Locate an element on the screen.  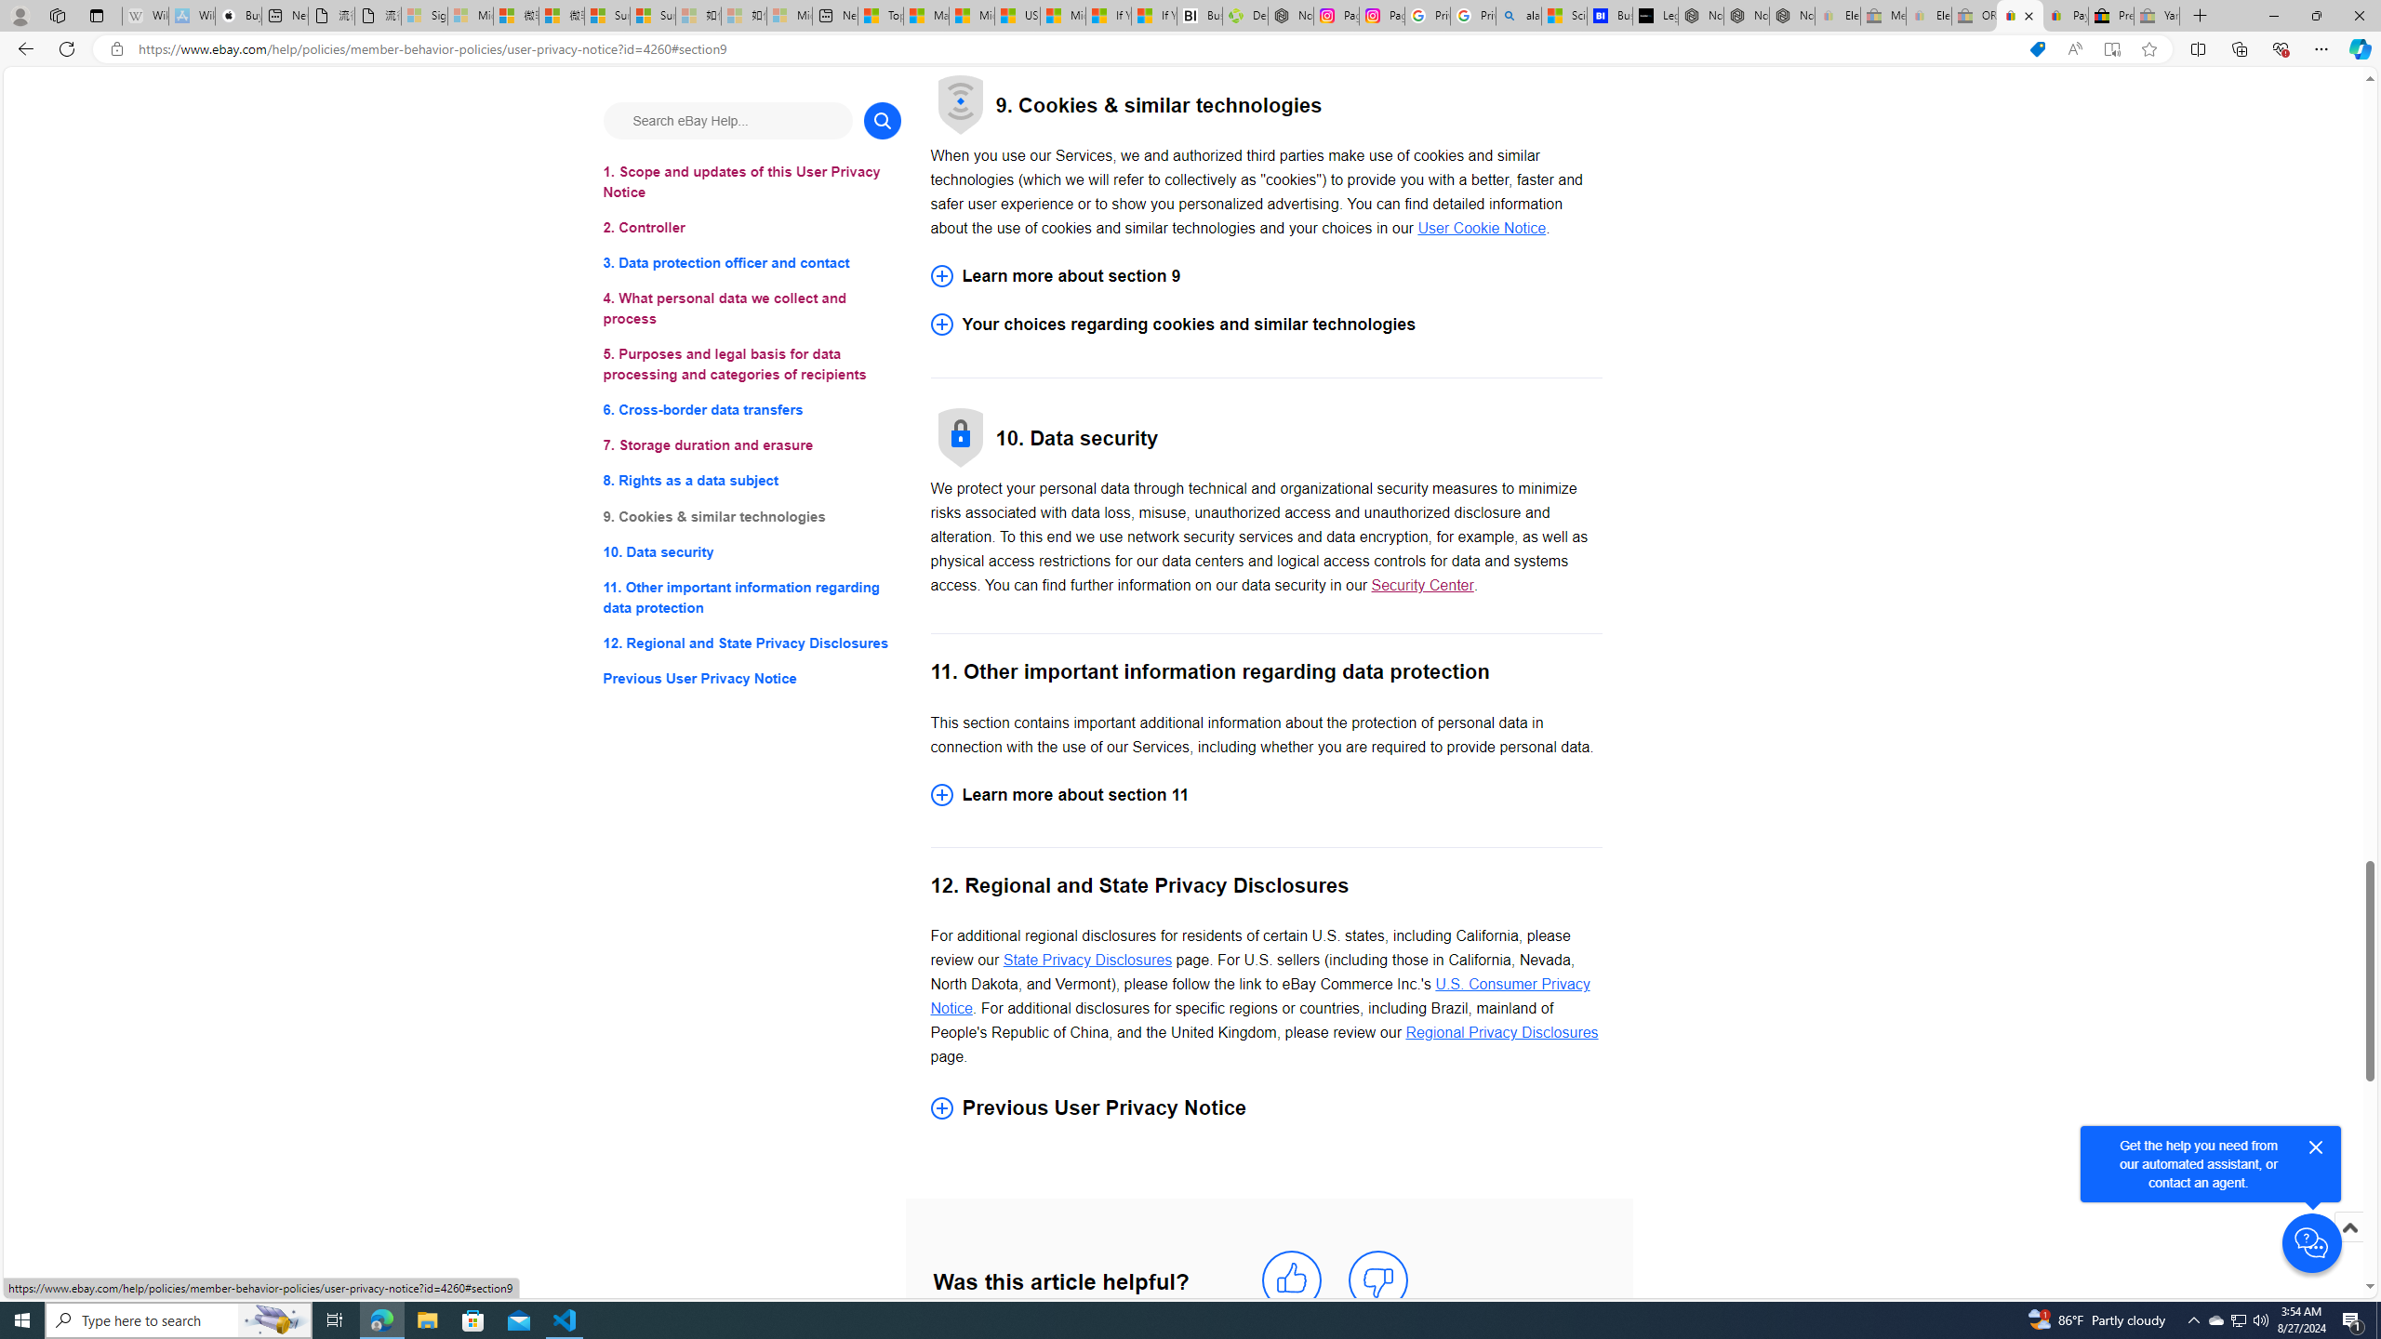
'9. Cookies & similar technologies' is located at coordinates (751, 516).